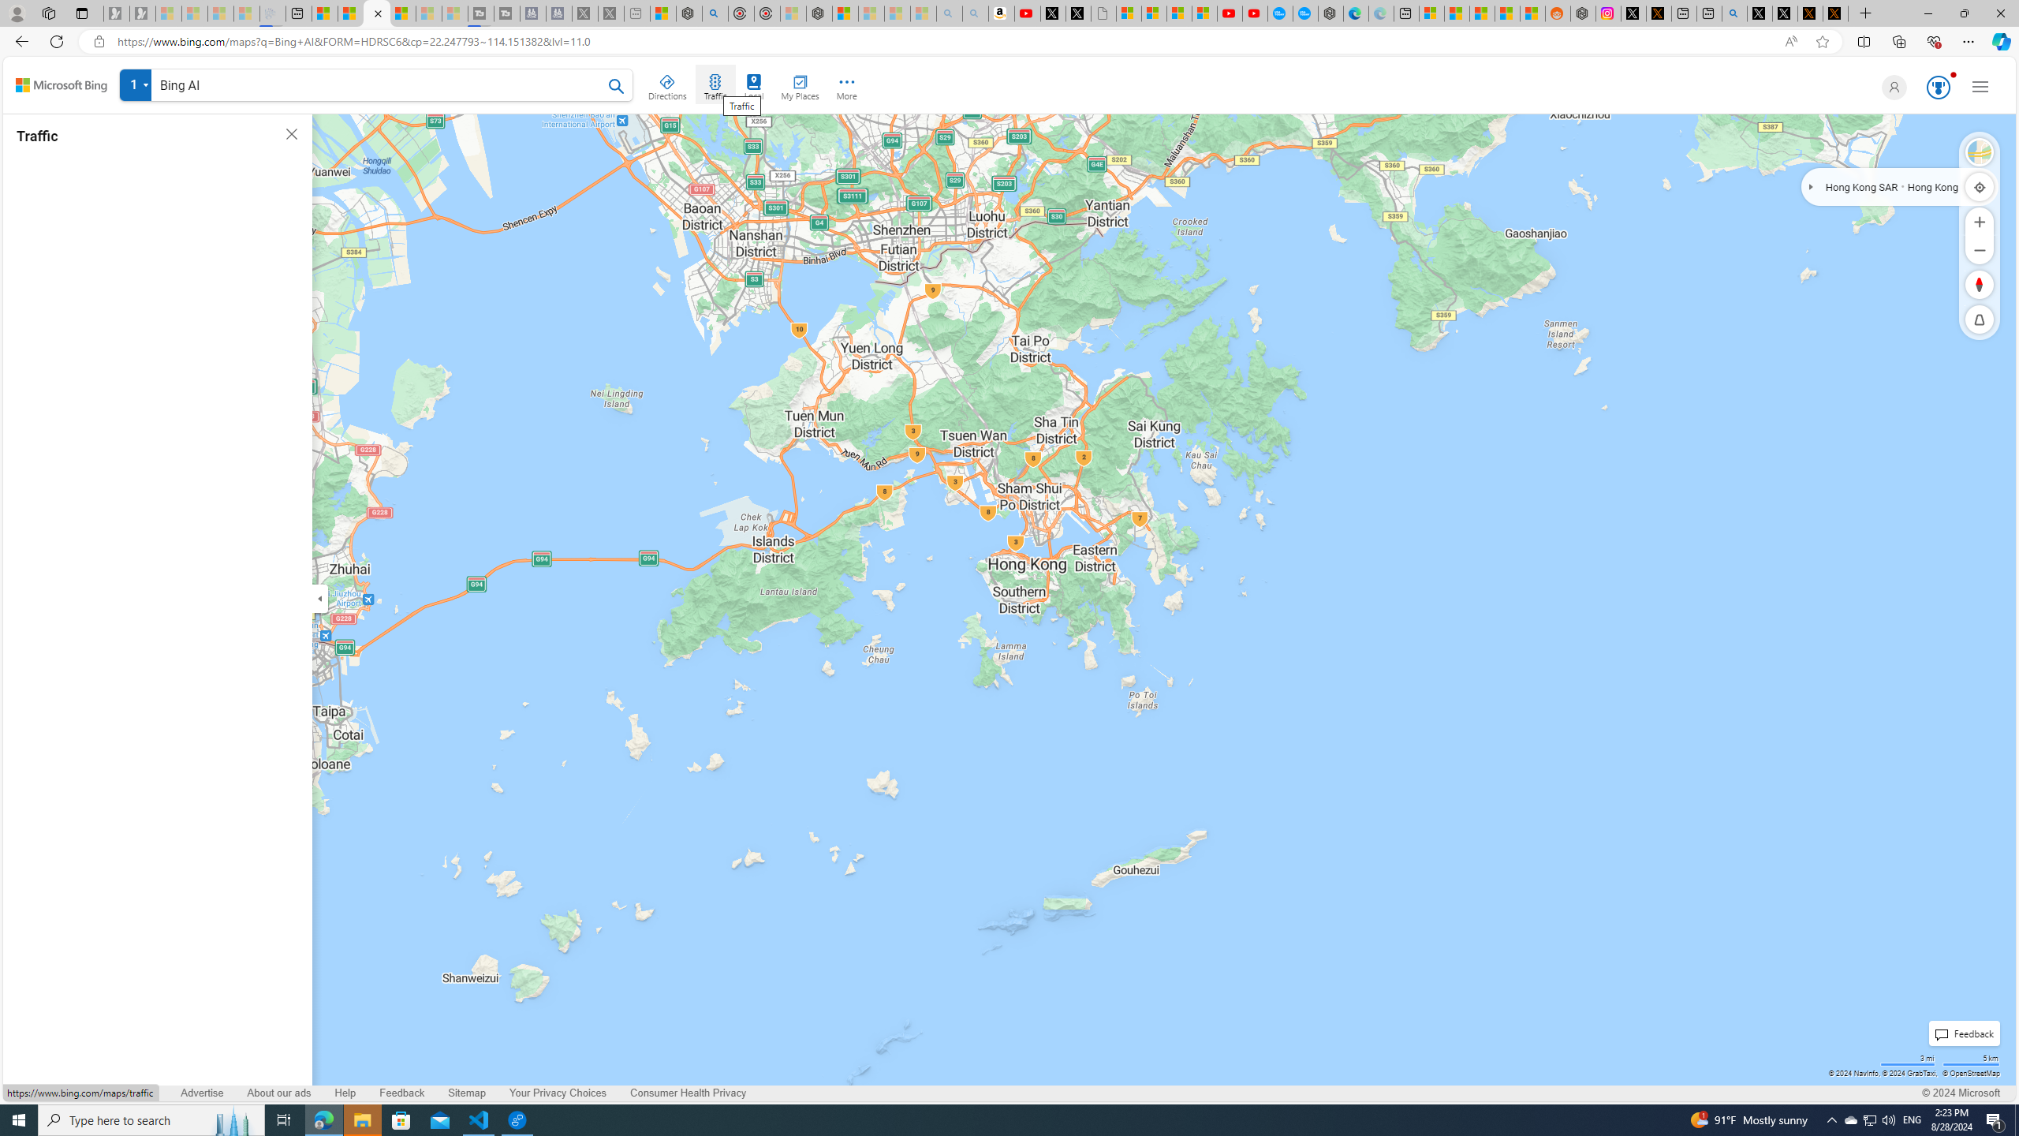 This screenshot has width=2019, height=1136. What do you see at coordinates (798, 84) in the screenshot?
I see `'My Places'` at bounding box center [798, 84].